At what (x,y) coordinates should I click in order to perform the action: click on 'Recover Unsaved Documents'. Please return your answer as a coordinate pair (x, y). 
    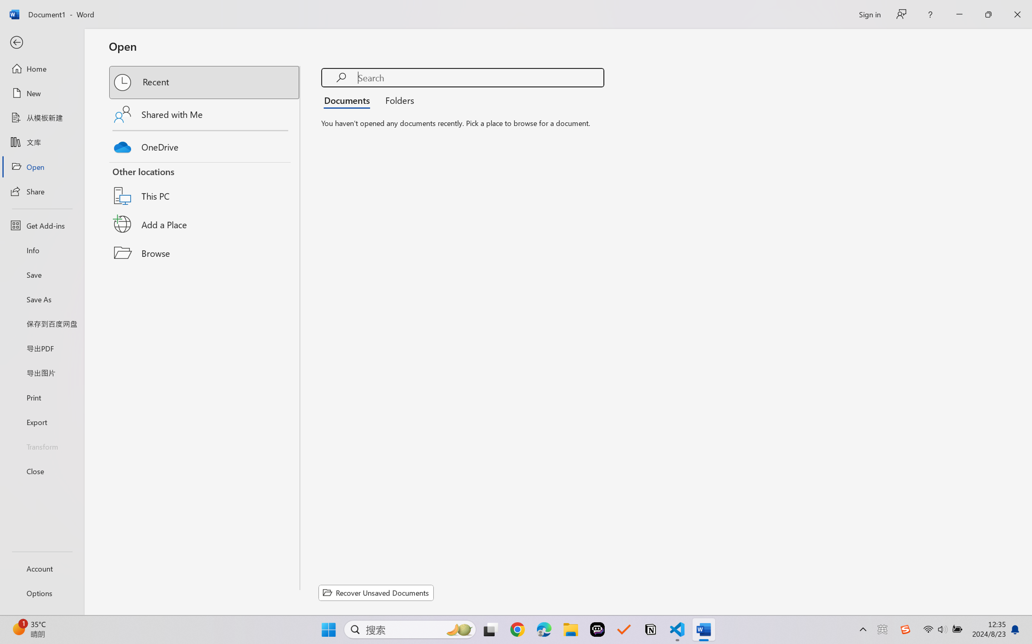
    Looking at the image, I should click on (376, 592).